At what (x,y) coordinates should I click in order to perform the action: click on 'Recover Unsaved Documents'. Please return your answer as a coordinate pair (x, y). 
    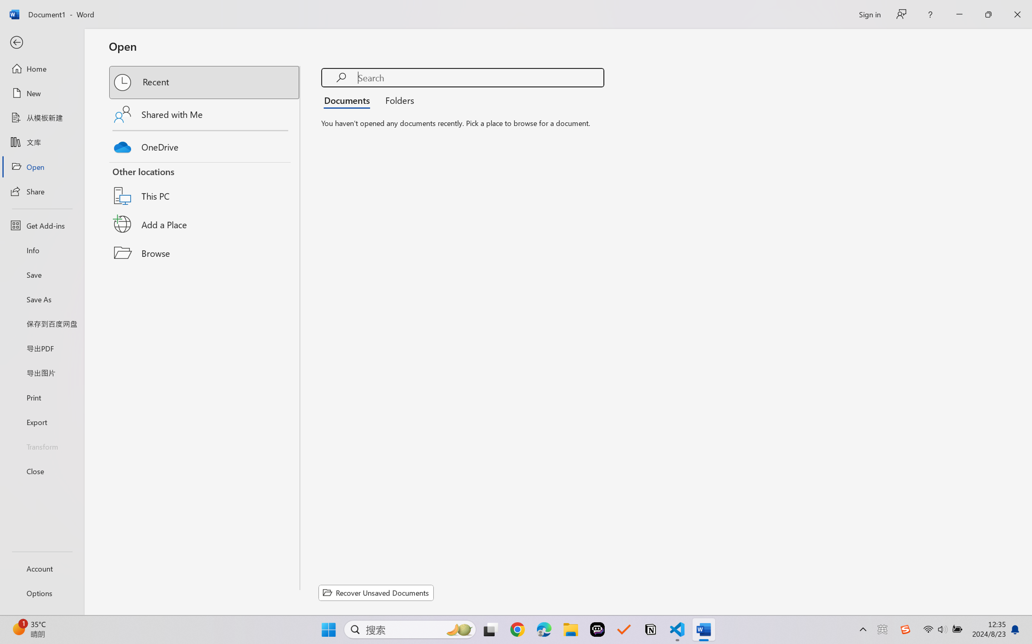
    Looking at the image, I should click on (376, 592).